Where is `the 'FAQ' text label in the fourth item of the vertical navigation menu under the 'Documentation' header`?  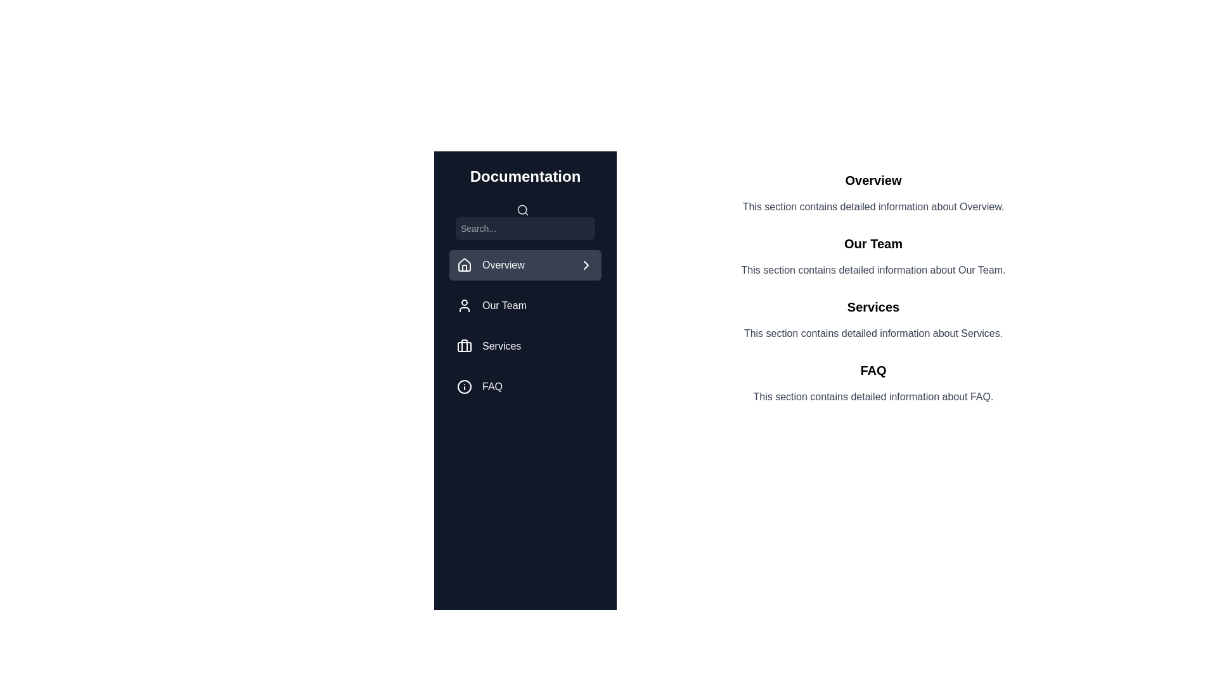 the 'FAQ' text label in the fourth item of the vertical navigation menu under the 'Documentation' header is located at coordinates (492, 386).